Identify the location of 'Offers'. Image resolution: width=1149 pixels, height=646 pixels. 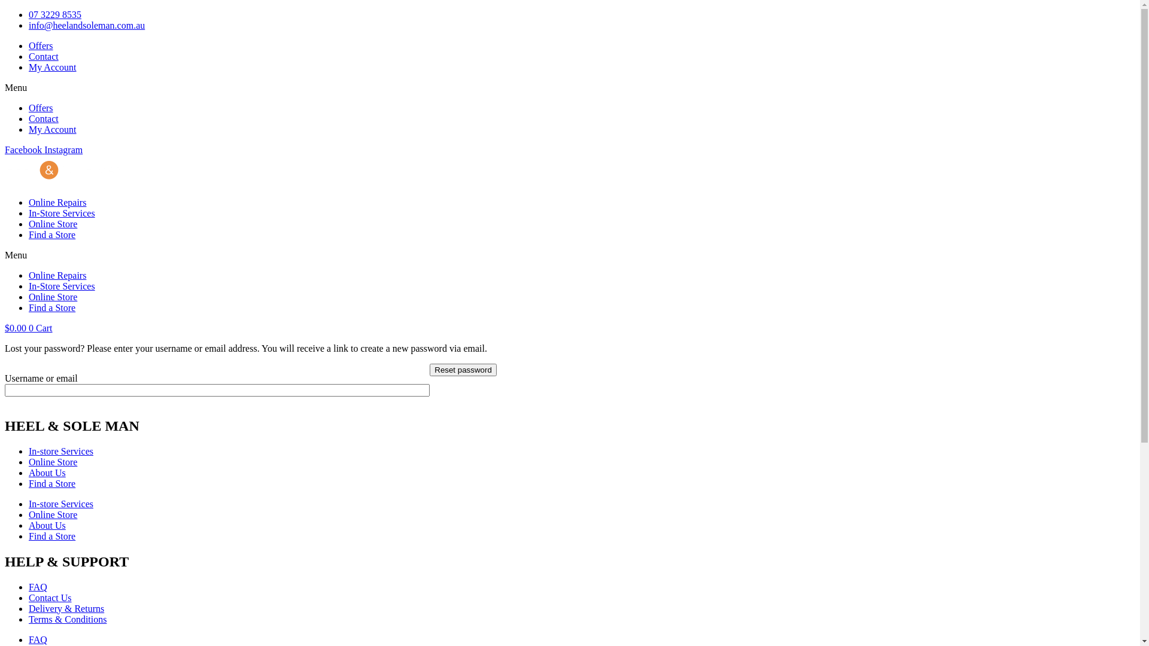
(41, 108).